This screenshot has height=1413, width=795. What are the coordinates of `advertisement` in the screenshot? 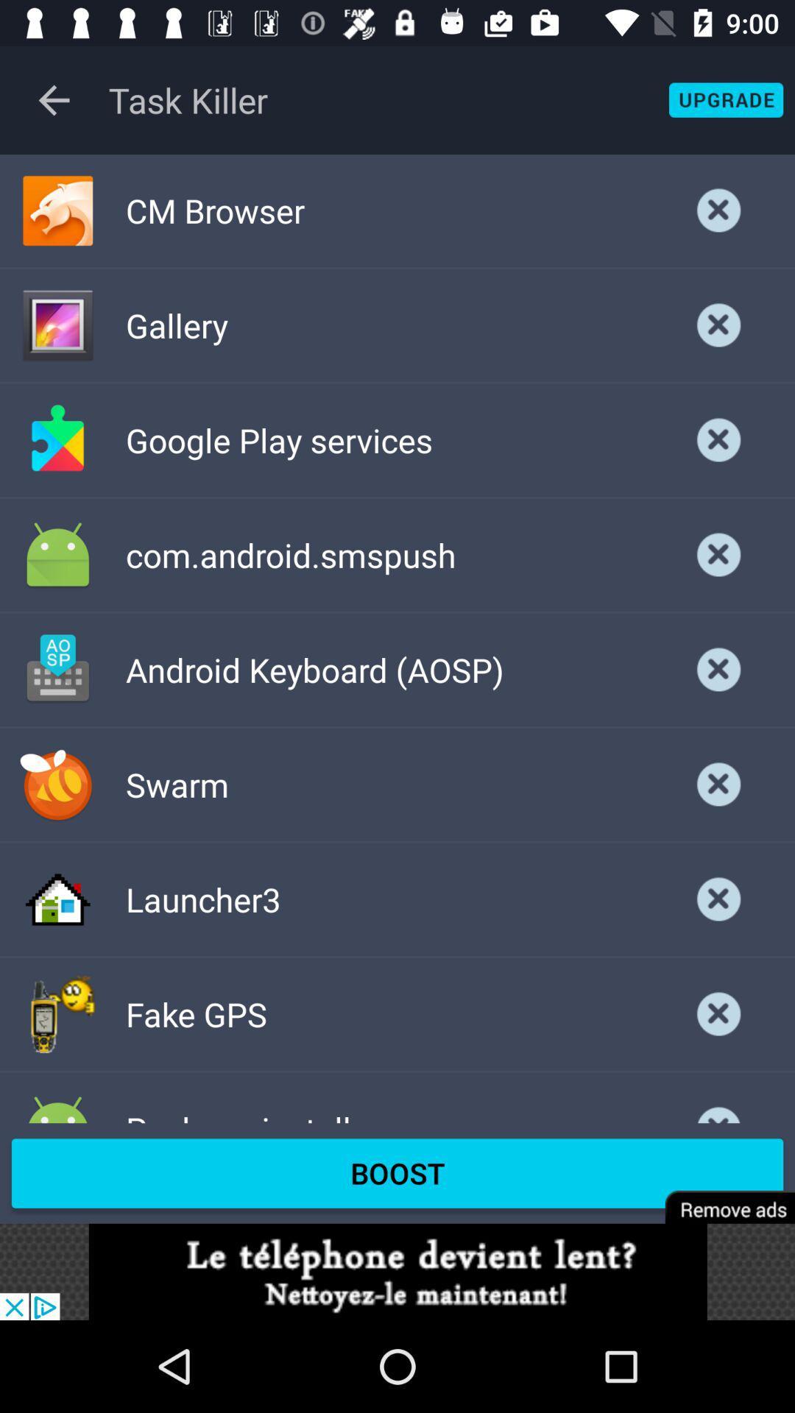 It's located at (397, 1271).